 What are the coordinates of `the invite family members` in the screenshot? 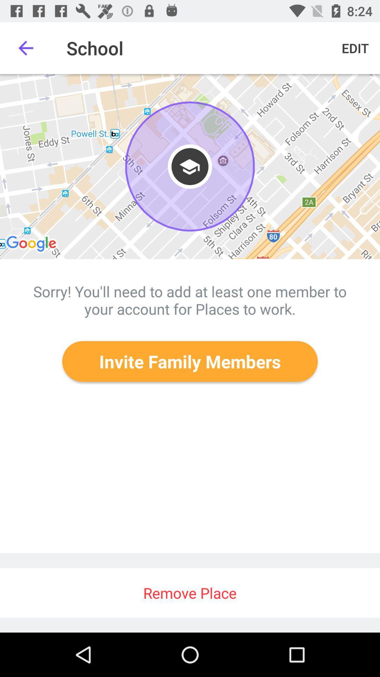 It's located at (190, 361).